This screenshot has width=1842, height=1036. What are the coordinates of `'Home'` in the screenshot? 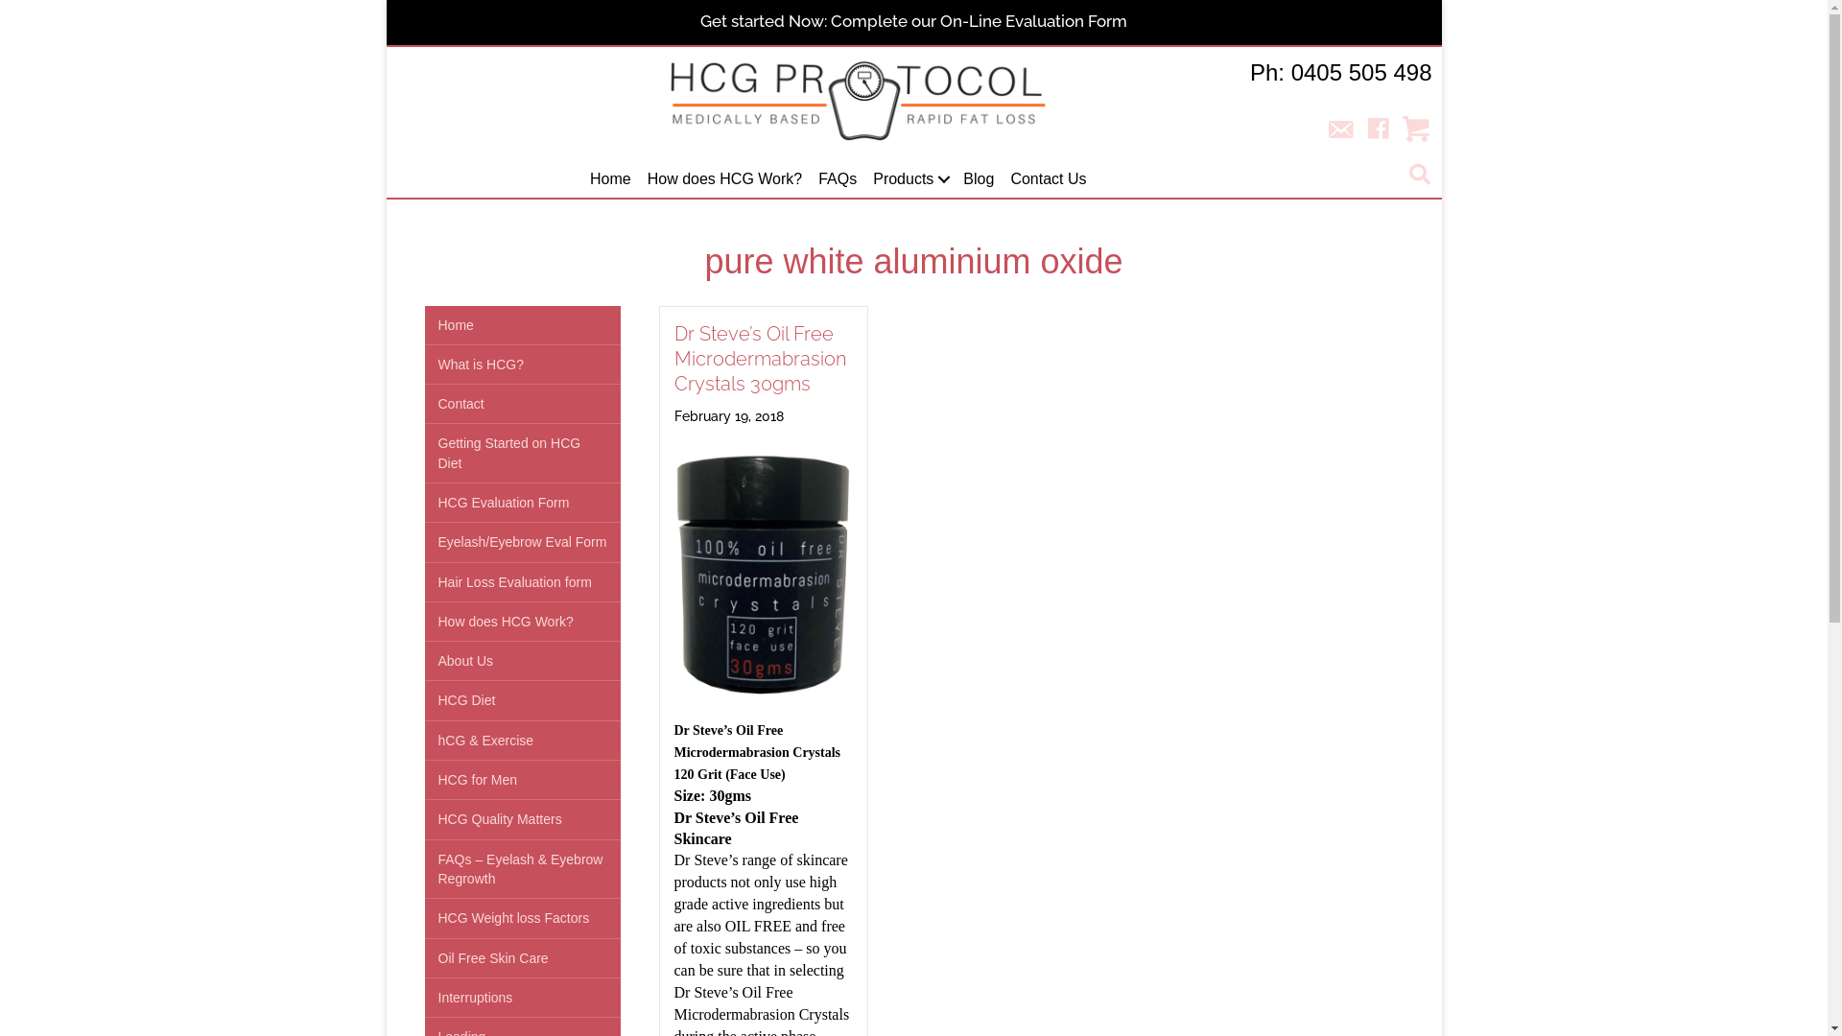 It's located at (609, 178).